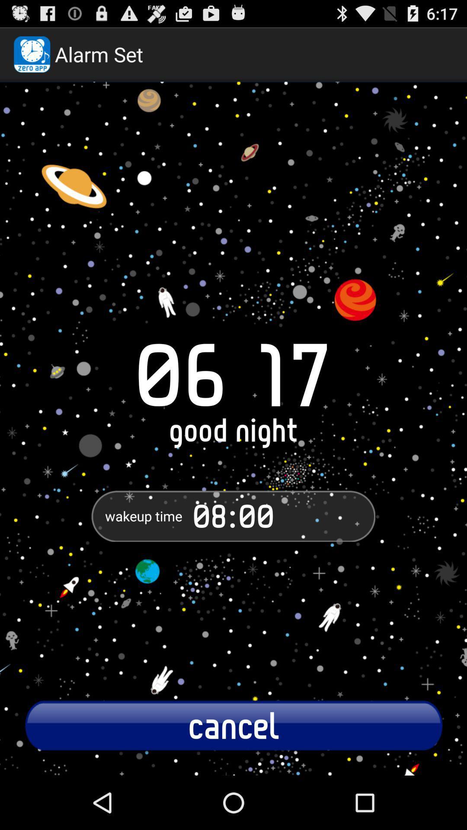 This screenshot has width=467, height=830. What do you see at coordinates (233, 725) in the screenshot?
I see `icon at the bottom` at bounding box center [233, 725].